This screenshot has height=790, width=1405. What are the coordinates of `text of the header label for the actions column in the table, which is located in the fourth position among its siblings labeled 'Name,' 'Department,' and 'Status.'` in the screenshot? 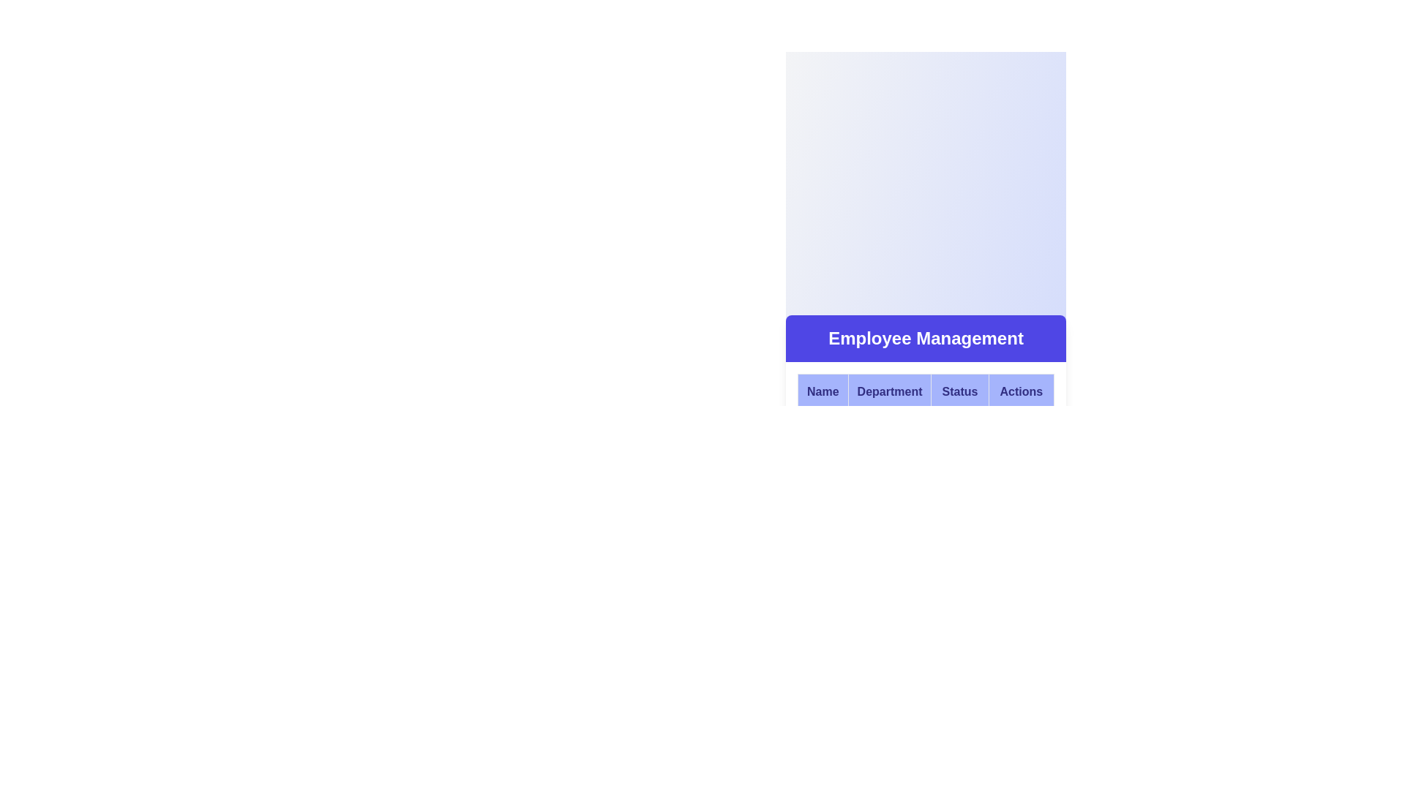 It's located at (1020, 391).